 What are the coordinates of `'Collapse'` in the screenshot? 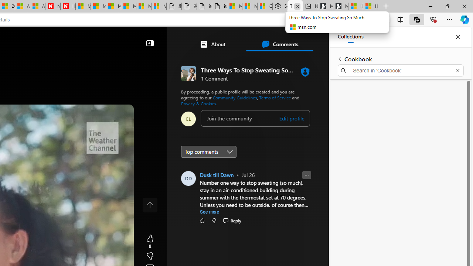 It's located at (150, 42).